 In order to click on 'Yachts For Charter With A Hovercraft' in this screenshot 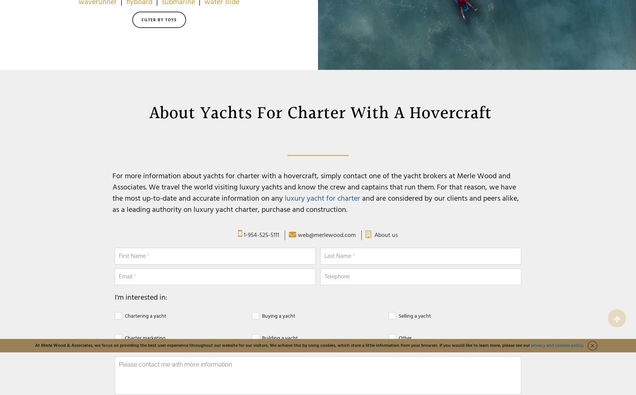, I will do `click(346, 113)`.